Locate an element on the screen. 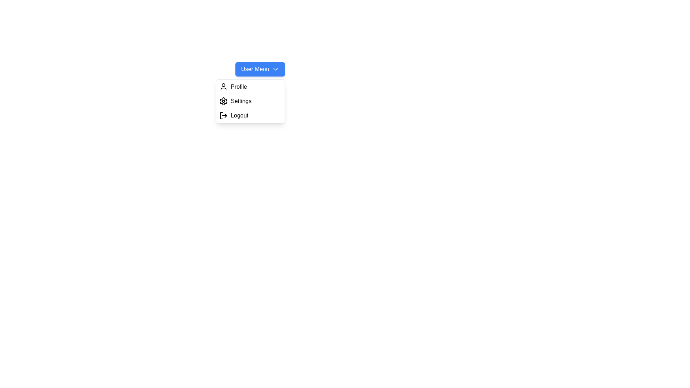  the logout icon element, which is a minimalistic black icon resembling a logout symbol, located in the 'Logout' button section of a dropdown menu is located at coordinates (223, 115).